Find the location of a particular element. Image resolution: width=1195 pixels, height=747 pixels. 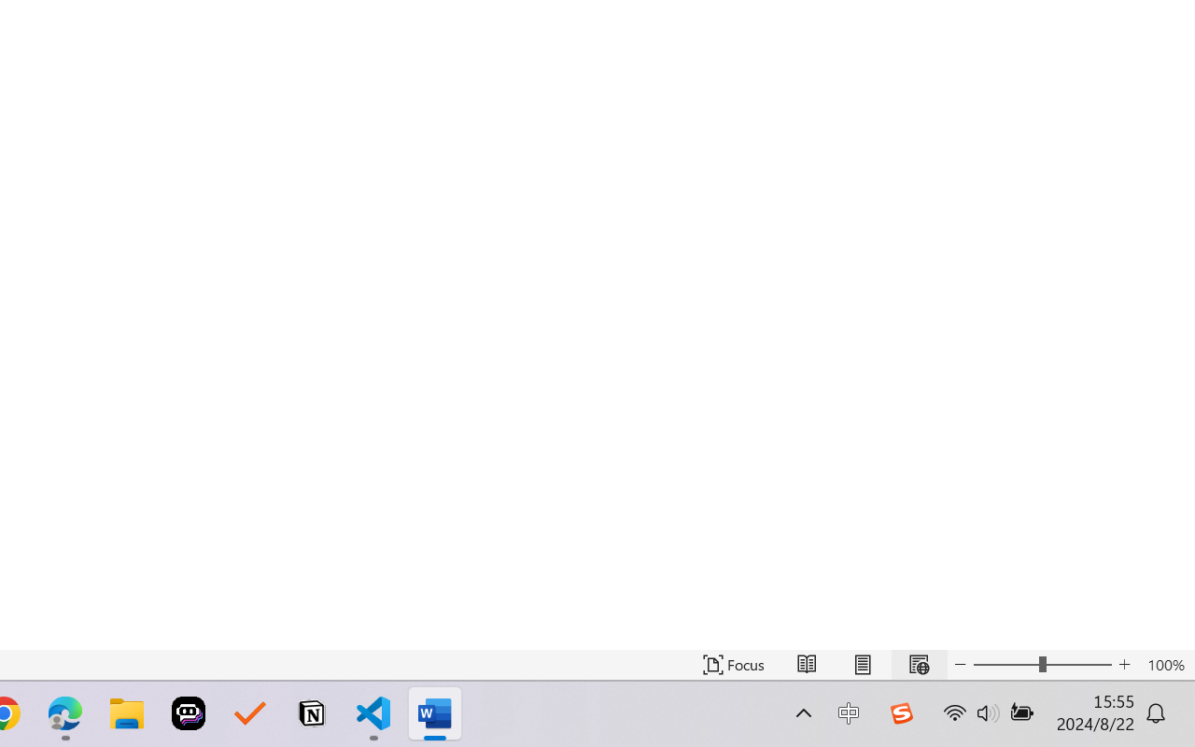

'Zoom In' is located at coordinates (1124, 664).